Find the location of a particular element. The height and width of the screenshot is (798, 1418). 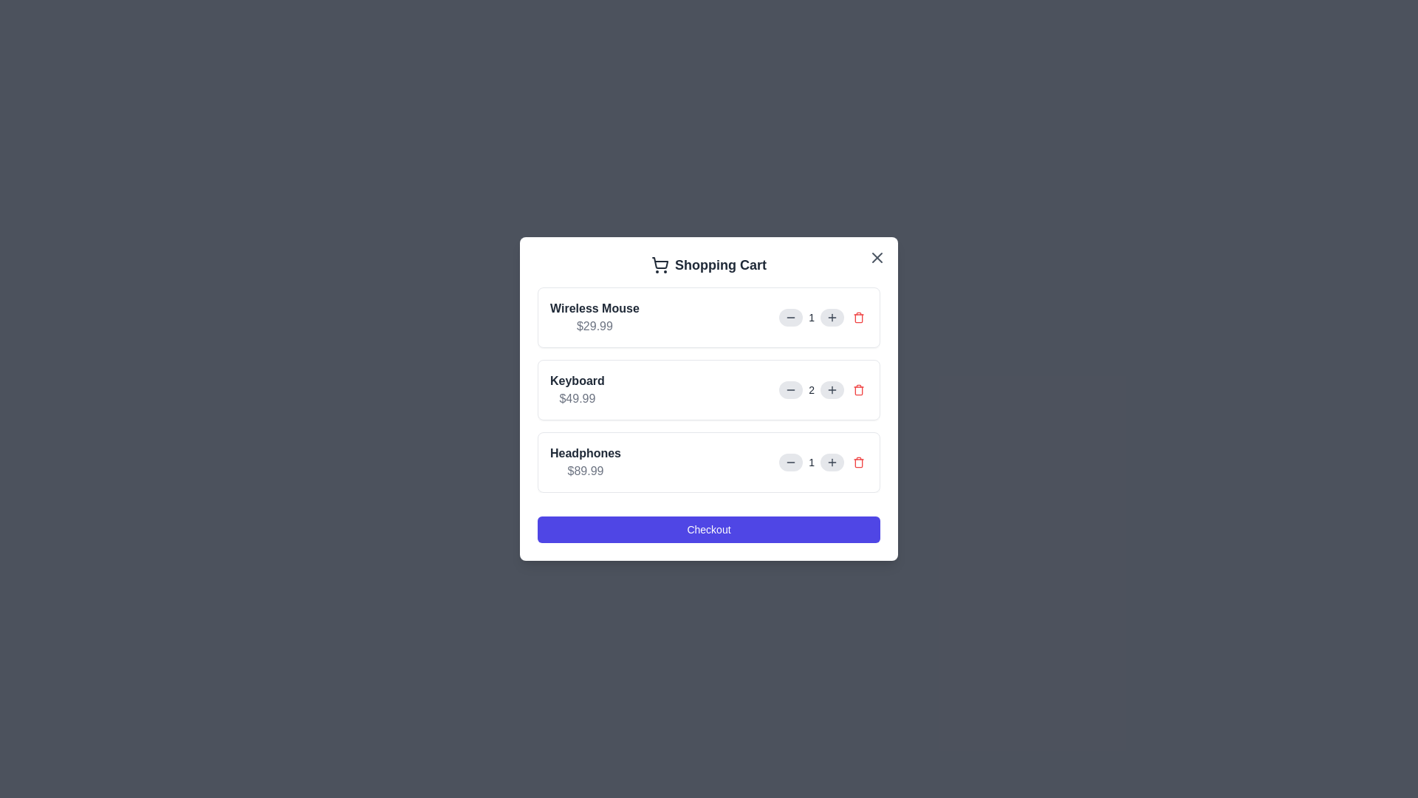

the plus icon button beside the '1' label in the 'Headphones' item row of the shopping cart interface to increase the quantity is located at coordinates (832, 461).